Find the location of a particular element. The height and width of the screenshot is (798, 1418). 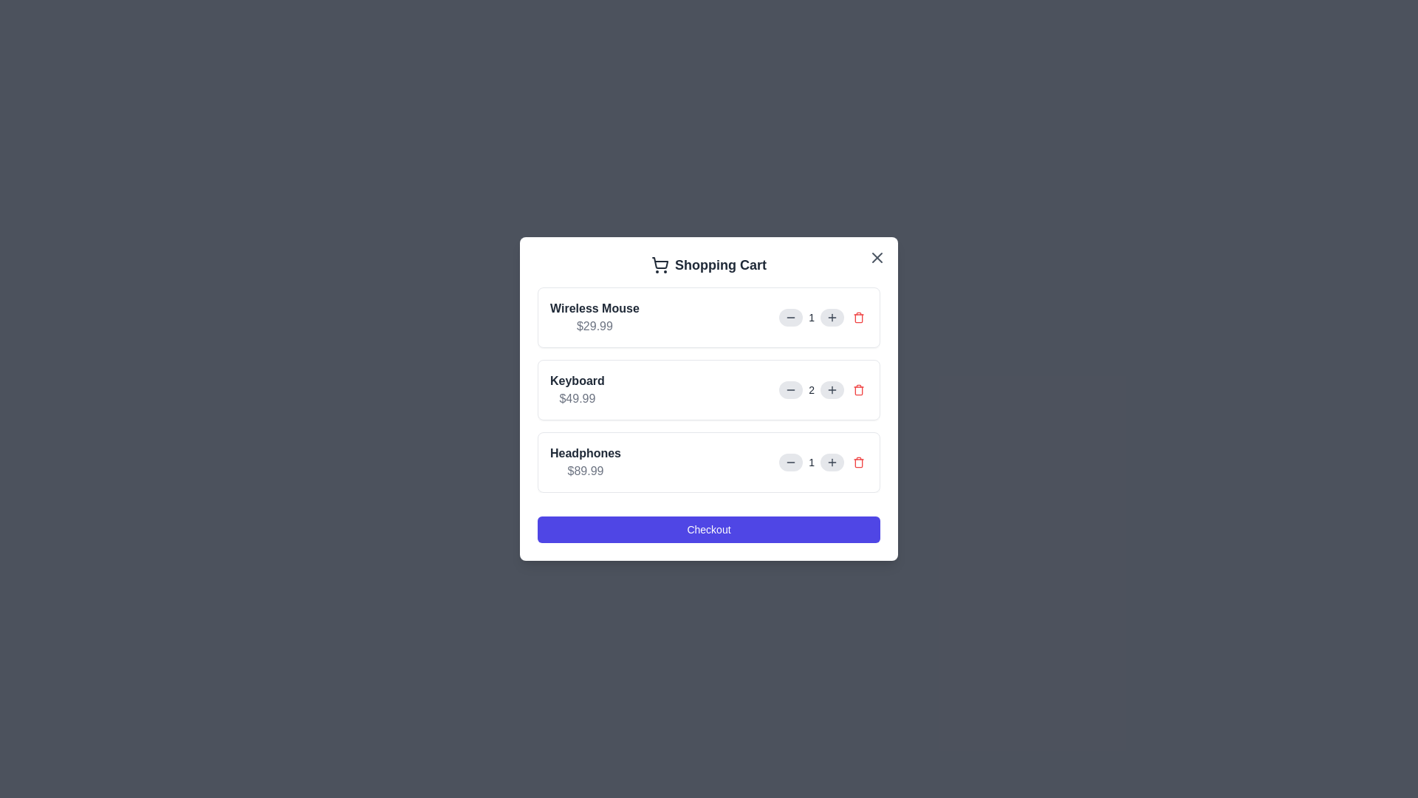

the plus icon button beside the '1' label in the 'Headphones' item row of the shopping cart interface to increase the quantity is located at coordinates (832, 461).